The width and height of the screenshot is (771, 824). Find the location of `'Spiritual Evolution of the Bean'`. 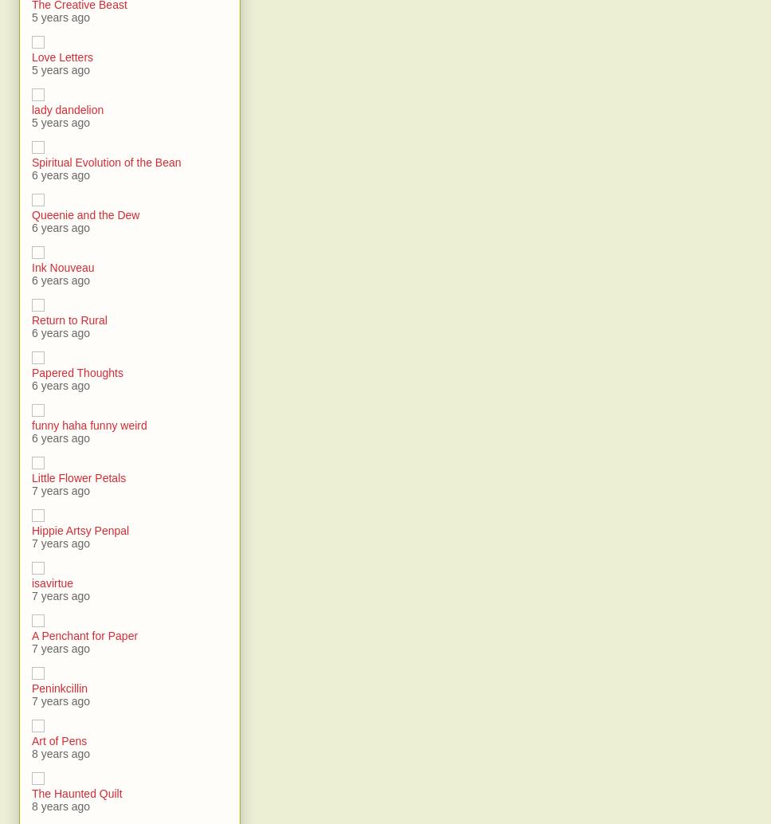

'Spiritual Evolution of the Bean' is located at coordinates (105, 161).